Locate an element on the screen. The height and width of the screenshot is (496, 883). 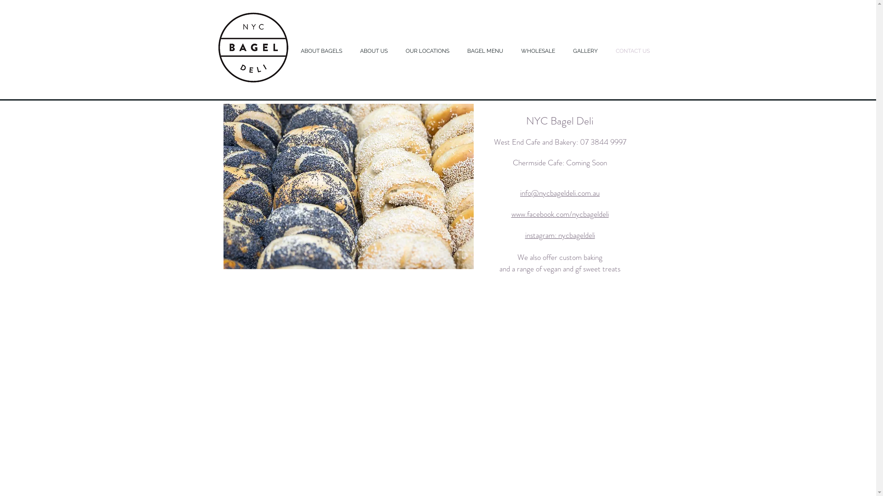
'WHOLESALE' is located at coordinates (540, 51).